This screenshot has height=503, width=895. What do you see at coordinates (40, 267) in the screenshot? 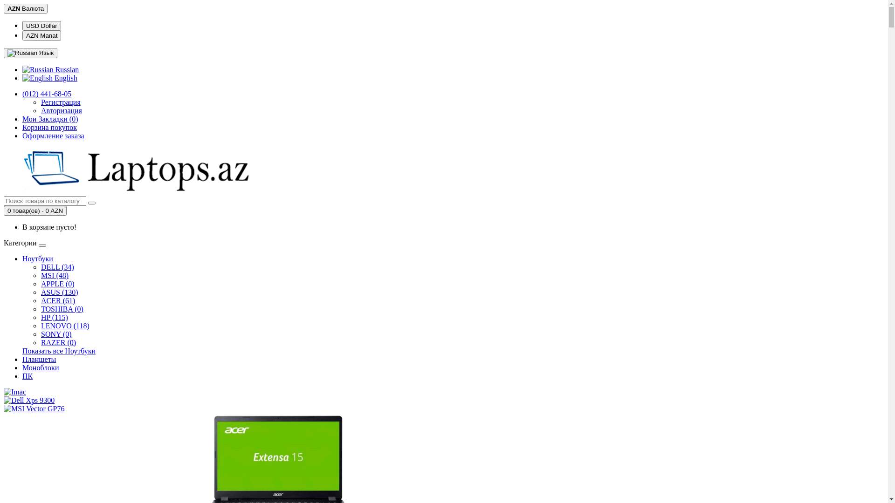
I see `'DELL (34)'` at bounding box center [40, 267].